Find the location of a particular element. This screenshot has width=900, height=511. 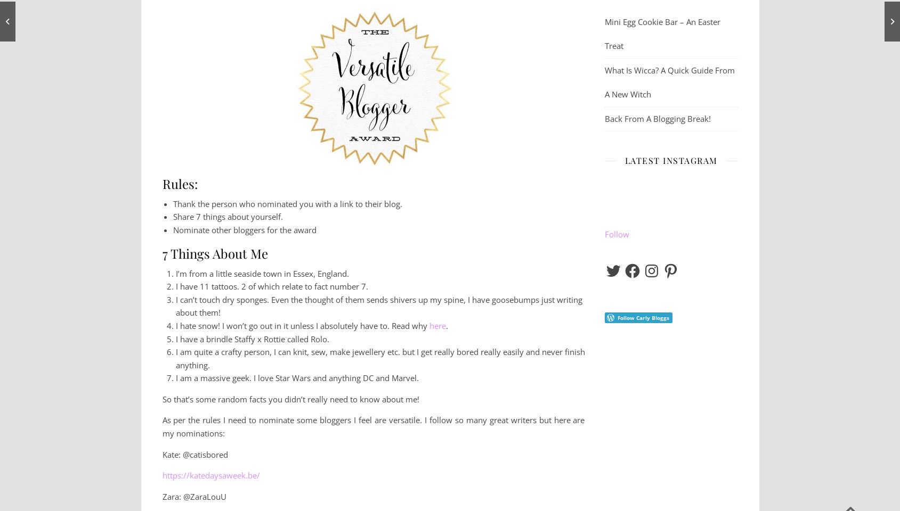

'Latest Instagram' is located at coordinates (623, 160).